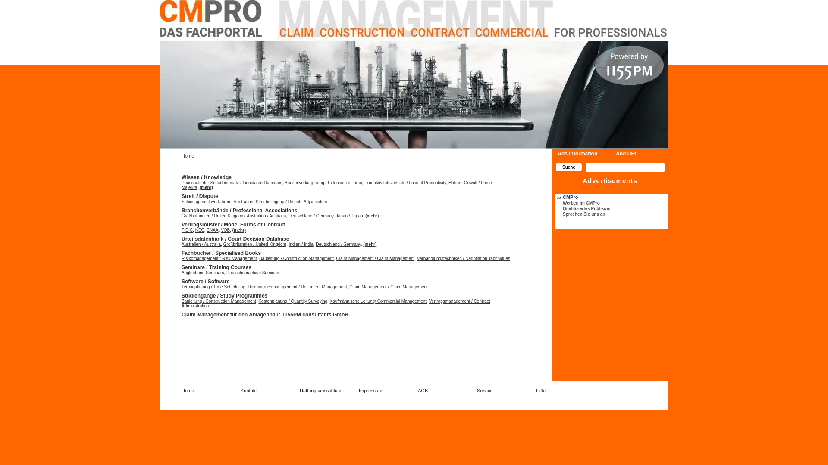  What do you see at coordinates (463, 258) in the screenshot?
I see `'Verhandlungstechniken / Negotiation Techniques'` at bounding box center [463, 258].